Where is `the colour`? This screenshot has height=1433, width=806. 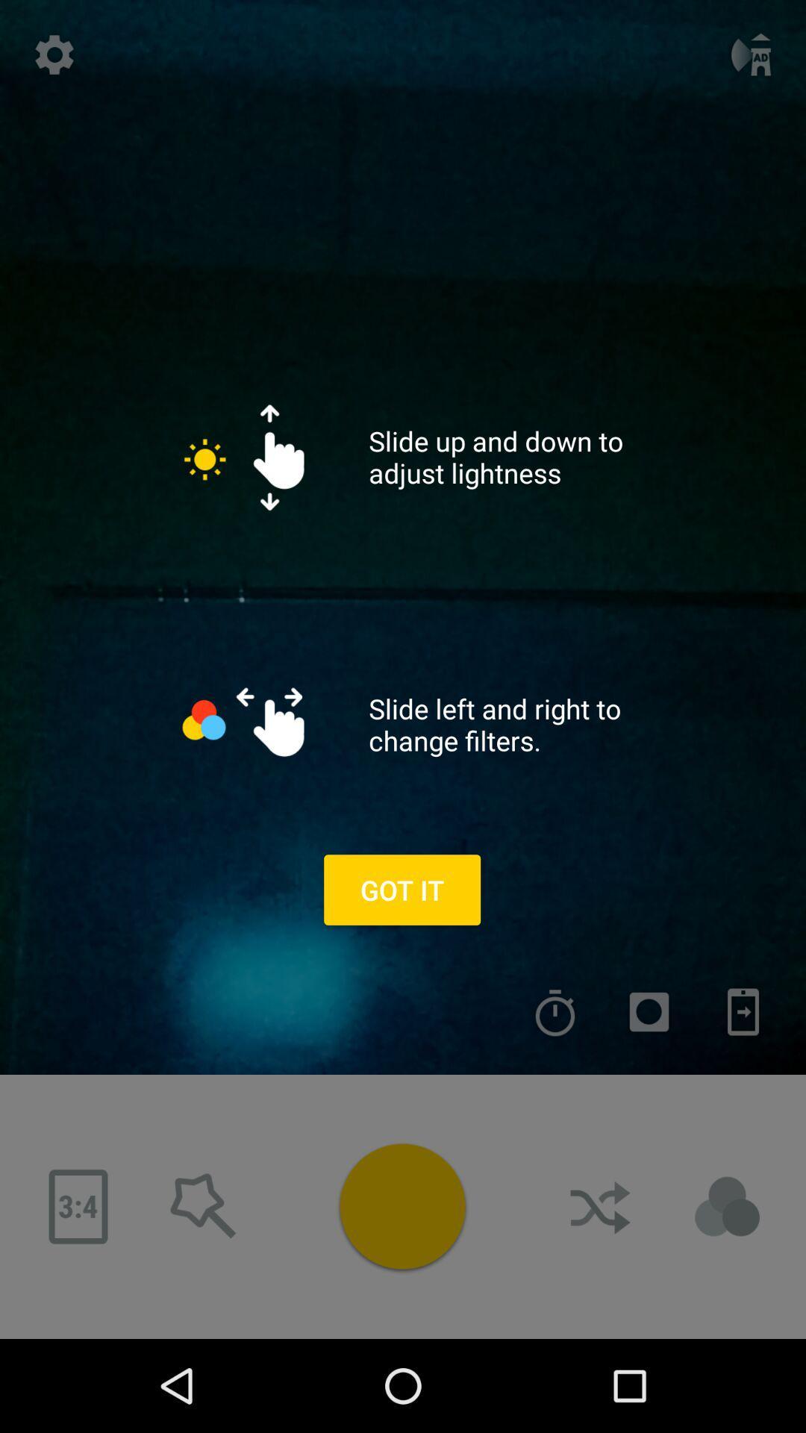 the colour is located at coordinates (402, 1206).